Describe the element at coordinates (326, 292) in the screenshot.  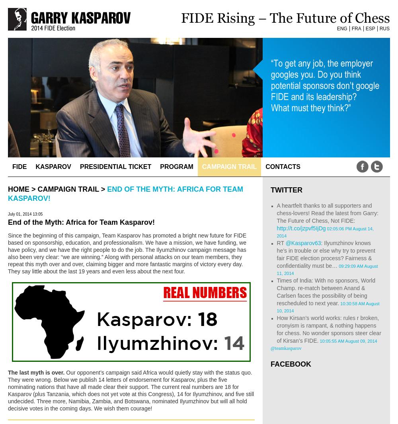
I see `'Times of India: With no sponsors, World Champ. re-match between Anand & Carlsen faces the possibility of being rescheduled to next year.'` at that location.